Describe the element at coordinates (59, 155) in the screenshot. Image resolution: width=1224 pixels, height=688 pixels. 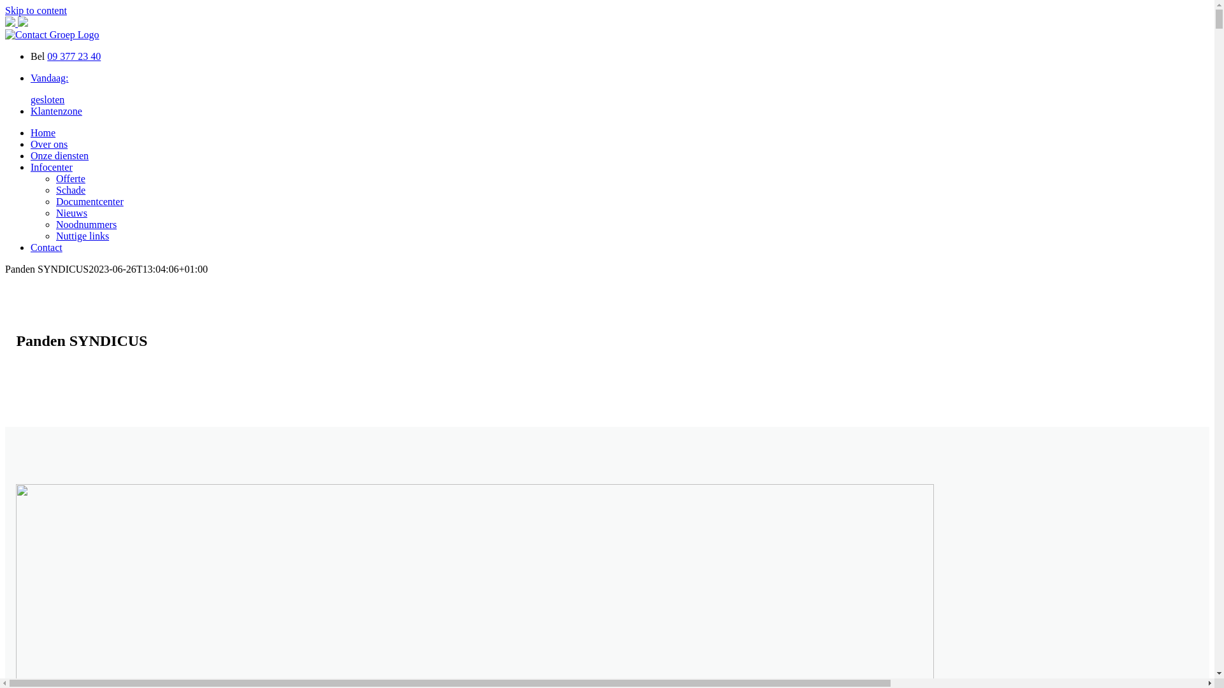
I see `'Onze diensten'` at that location.